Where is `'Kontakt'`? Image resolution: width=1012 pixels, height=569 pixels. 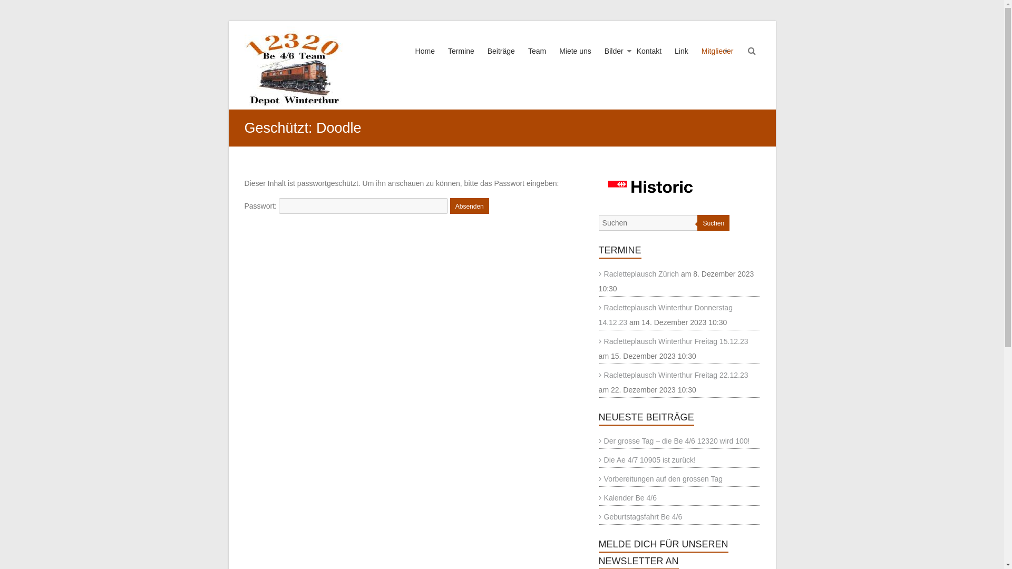
'Kontakt' is located at coordinates (636, 61).